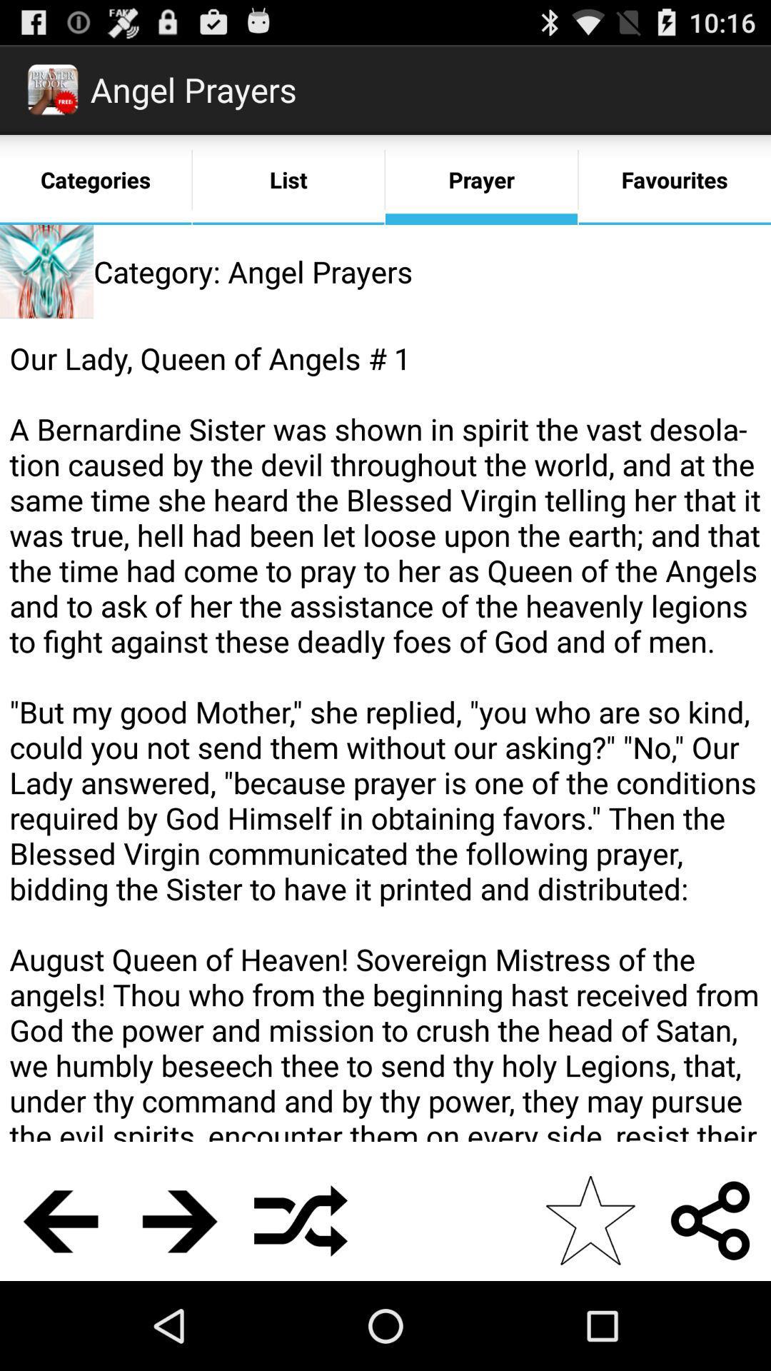 The height and width of the screenshot is (1371, 771). Describe the element at coordinates (300, 1220) in the screenshot. I see `the item below our lady queen item` at that location.